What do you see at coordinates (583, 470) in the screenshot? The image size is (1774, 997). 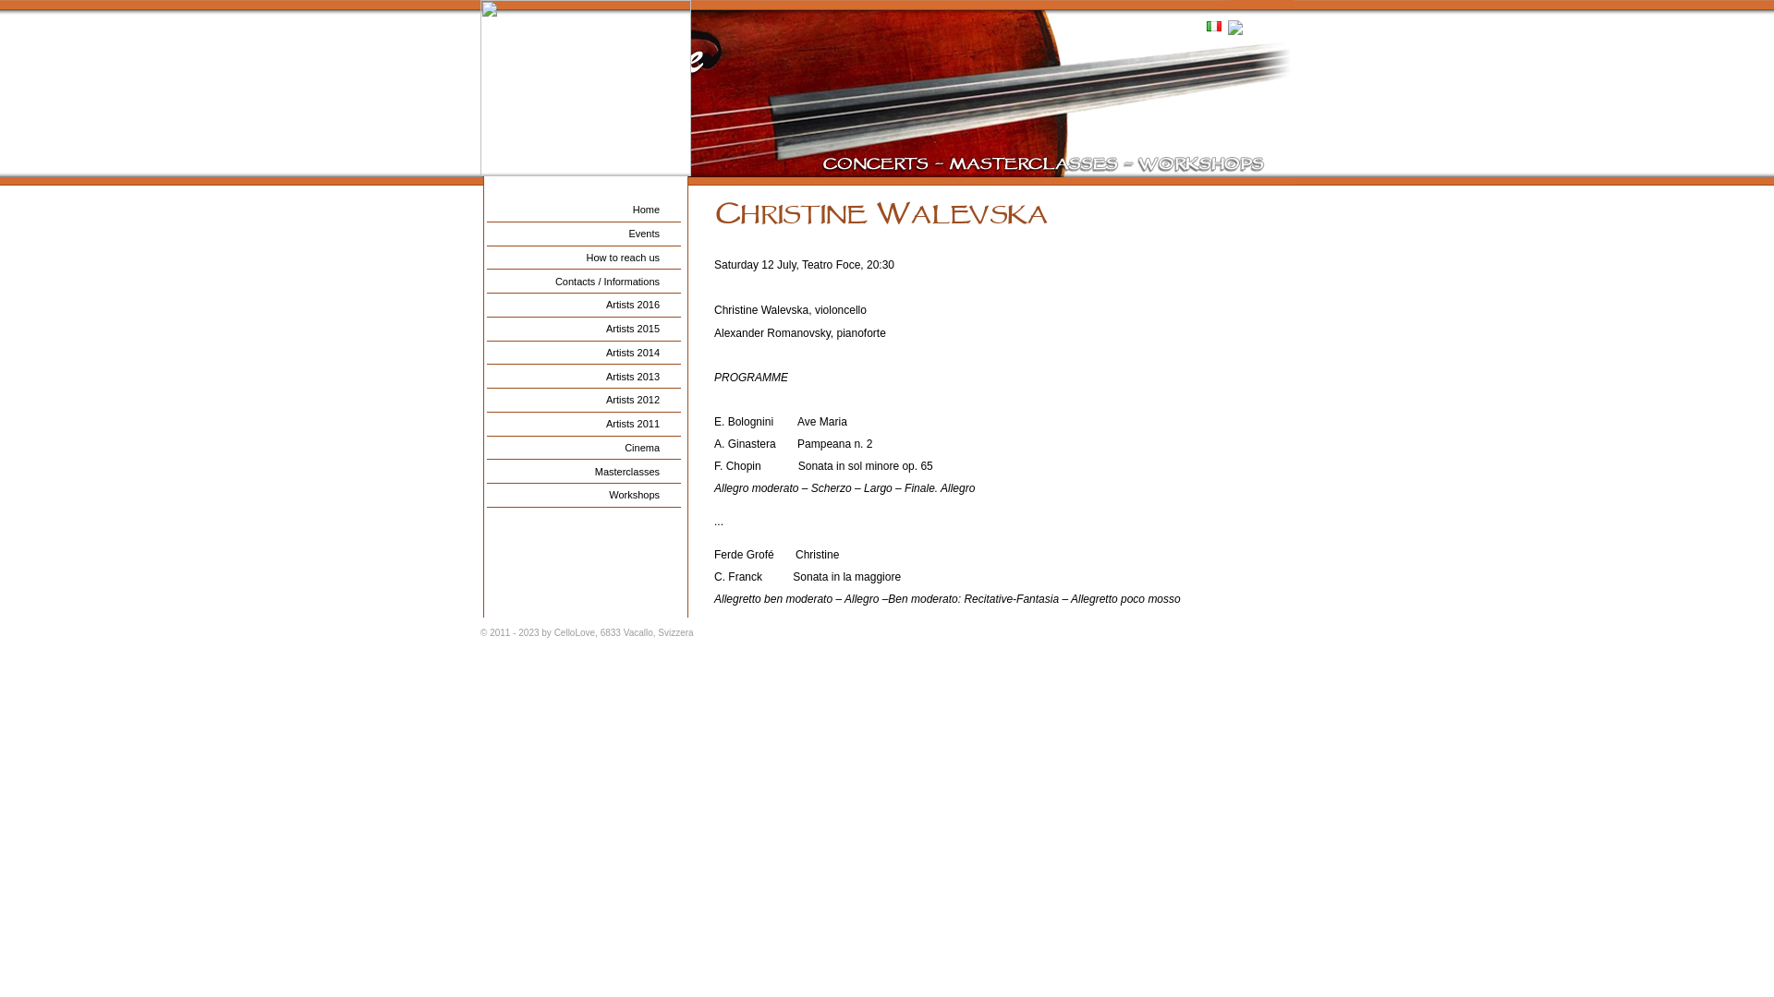 I see `'Masterclasses'` at bounding box center [583, 470].